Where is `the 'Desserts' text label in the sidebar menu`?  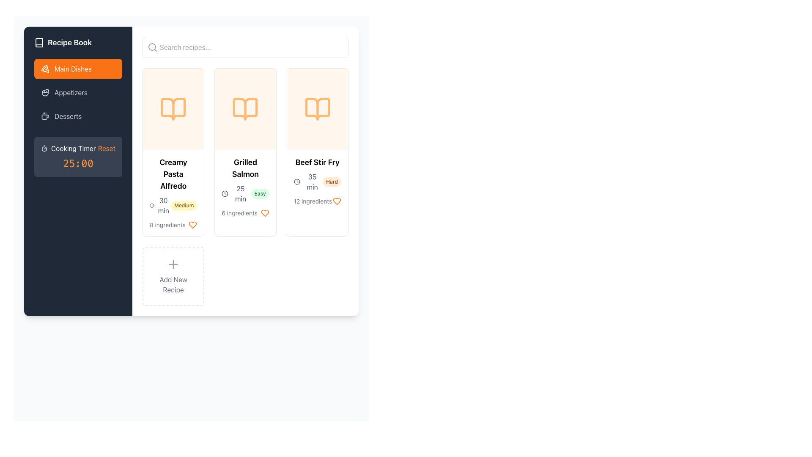
the 'Desserts' text label in the sidebar menu is located at coordinates (68, 116).